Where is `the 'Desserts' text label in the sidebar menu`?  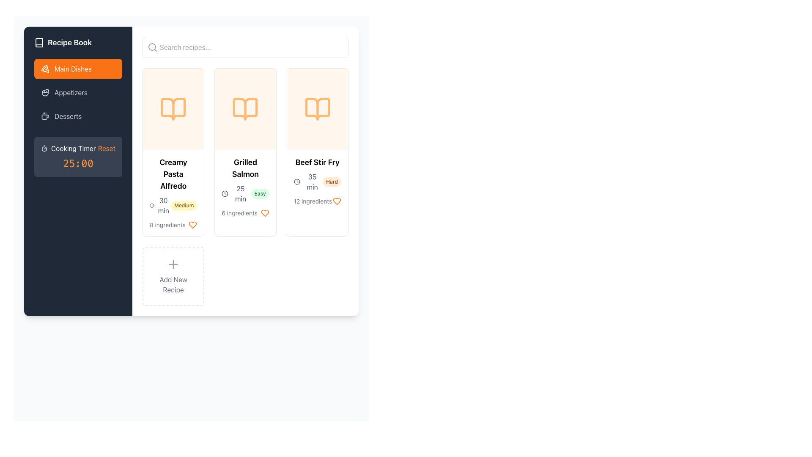
the 'Desserts' text label in the sidebar menu is located at coordinates (68, 116).